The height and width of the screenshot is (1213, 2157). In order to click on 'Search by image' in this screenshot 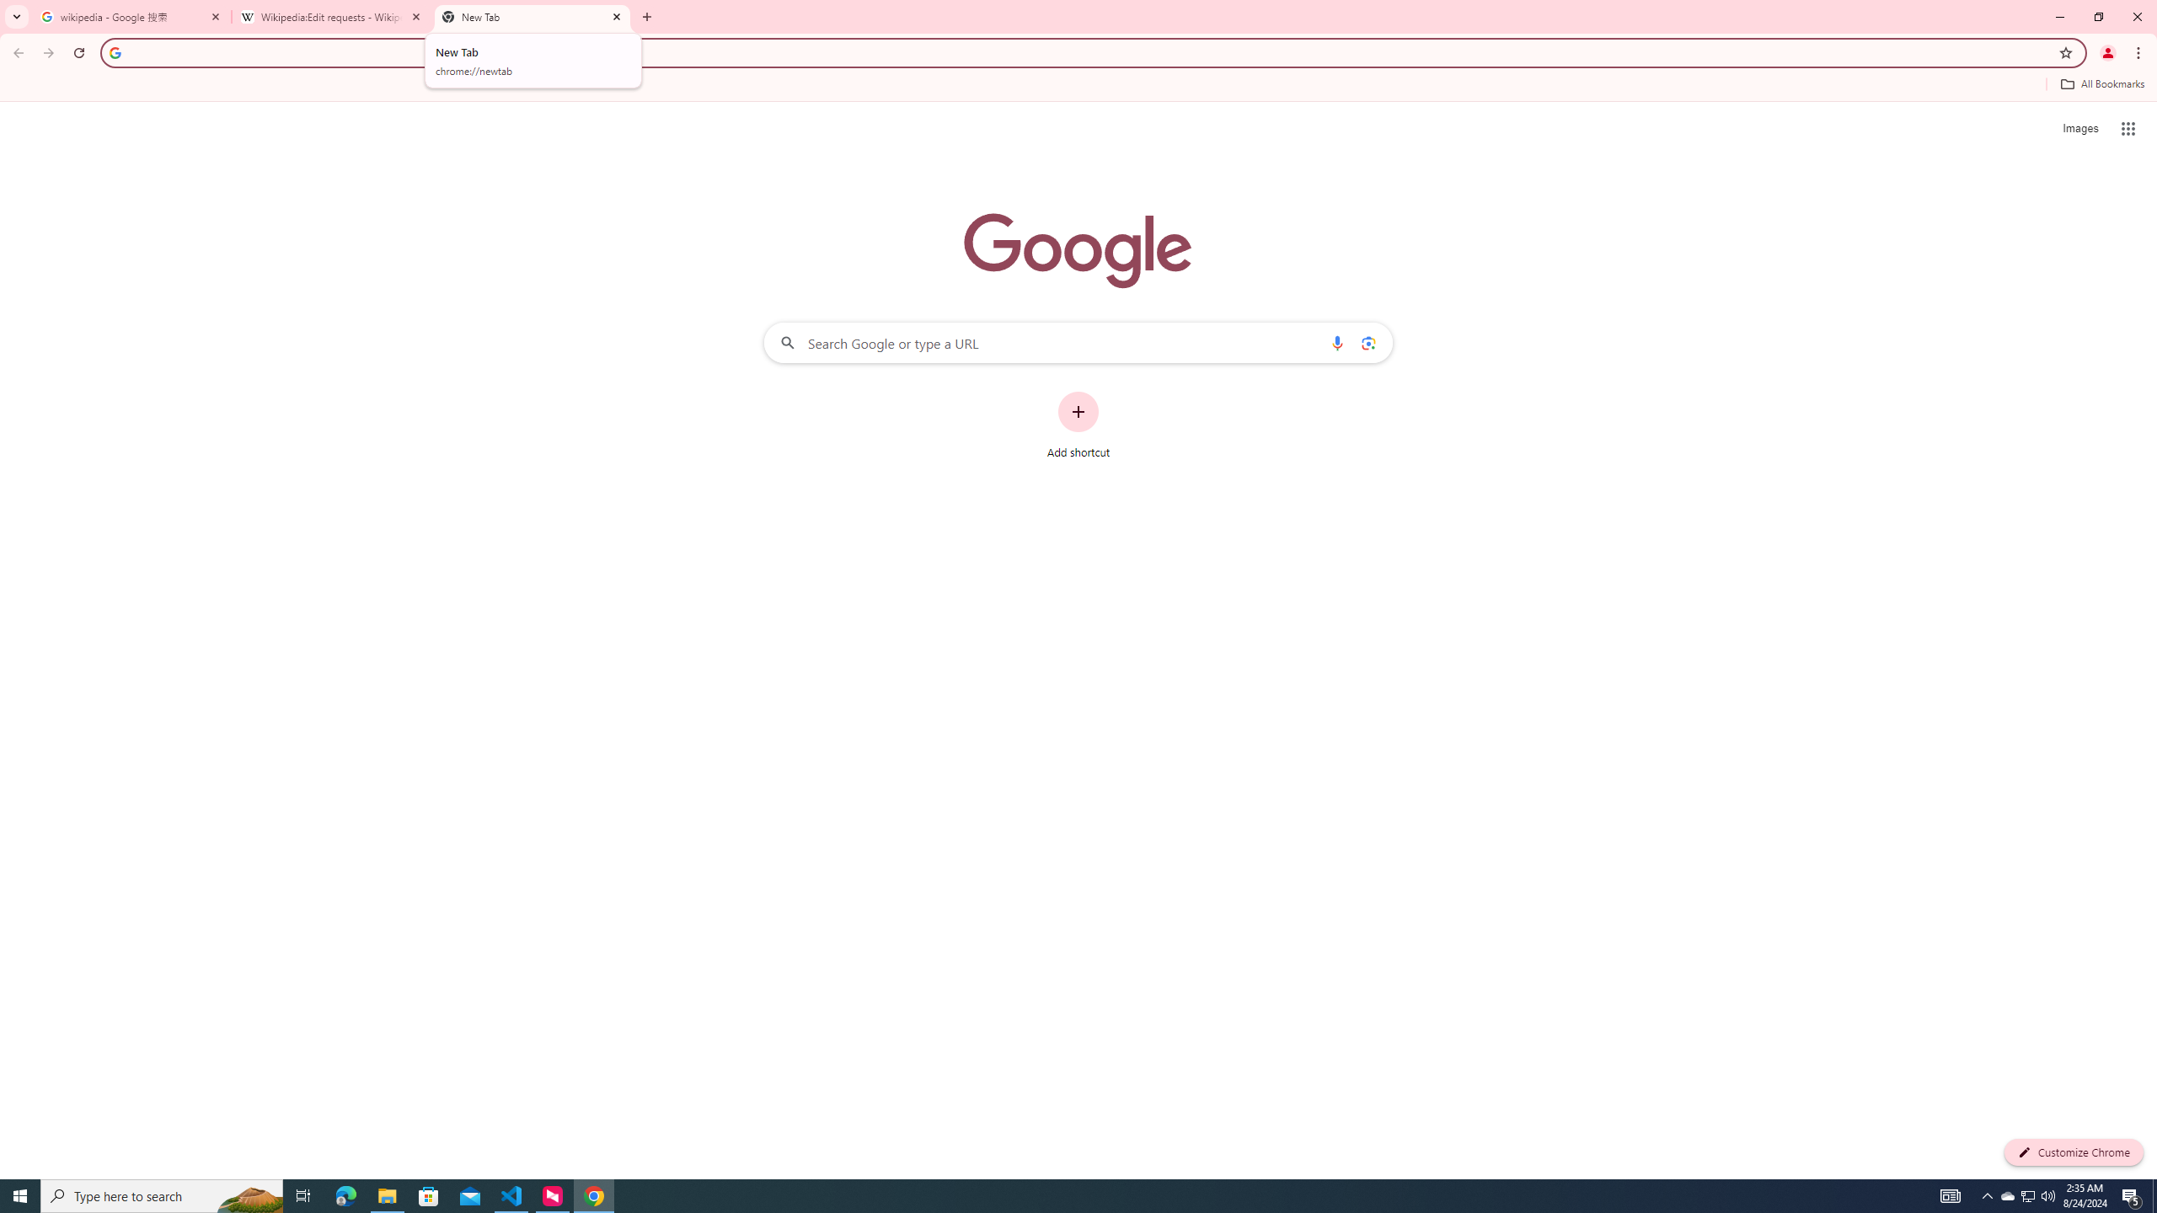, I will do `click(1367, 341)`.